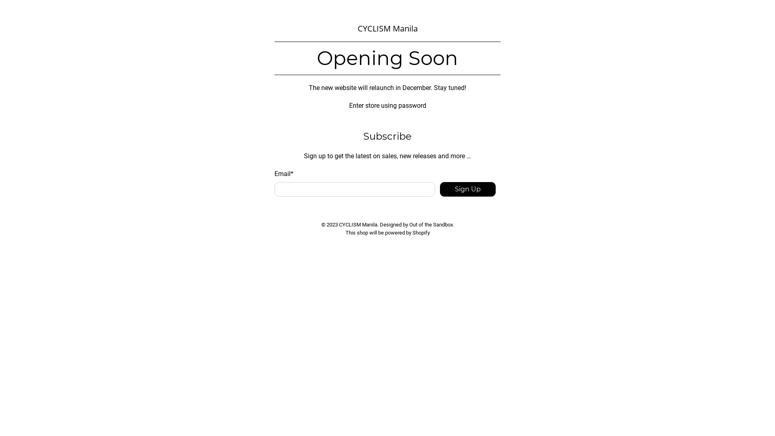  I want to click on 'Enter store using password', so click(387, 105).